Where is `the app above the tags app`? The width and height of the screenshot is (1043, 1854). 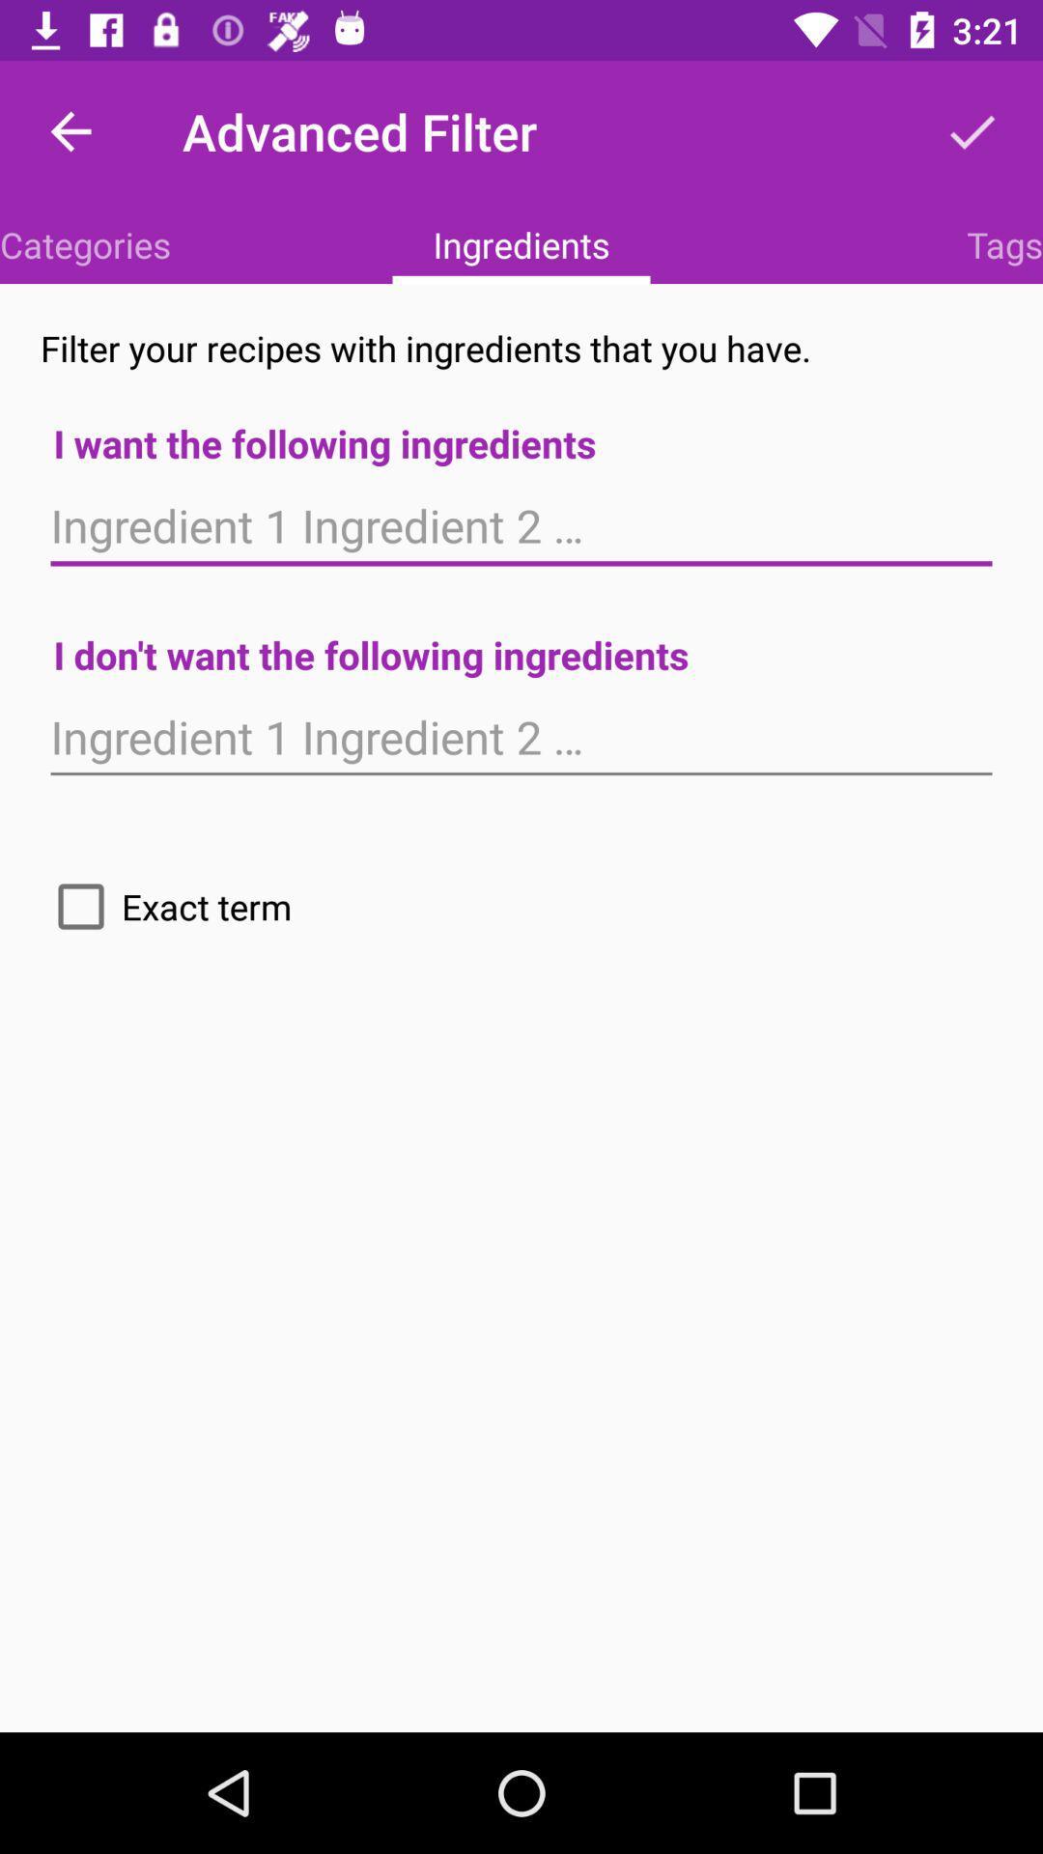 the app above the tags app is located at coordinates (972, 130).